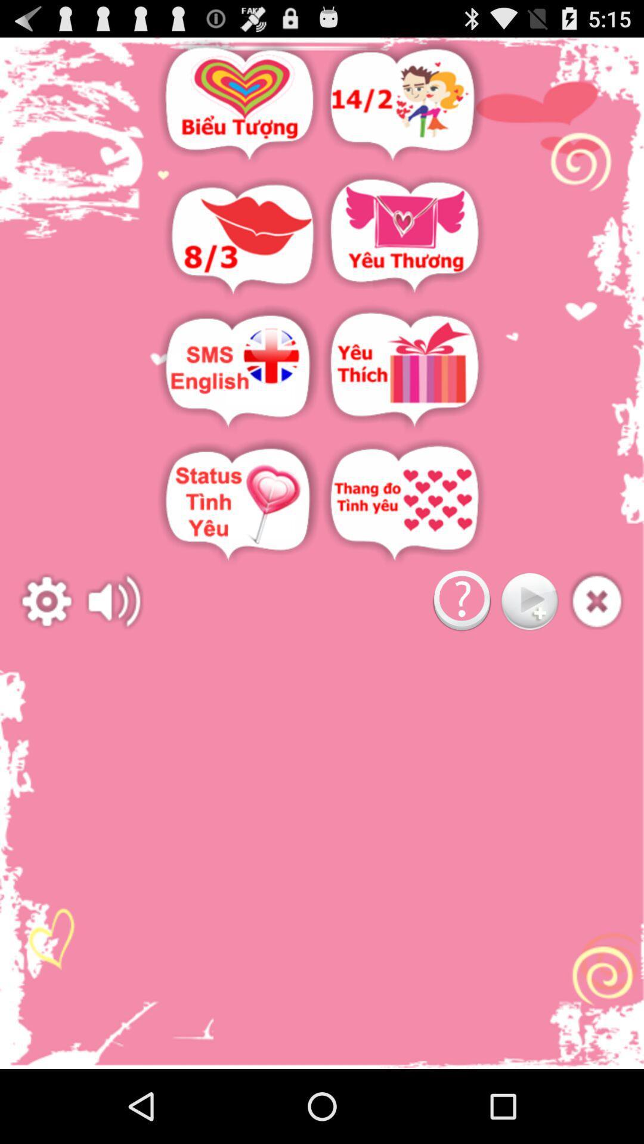 Image resolution: width=644 pixels, height=1144 pixels. Describe the element at coordinates (114, 601) in the screenshot. I see `increase` at that location.